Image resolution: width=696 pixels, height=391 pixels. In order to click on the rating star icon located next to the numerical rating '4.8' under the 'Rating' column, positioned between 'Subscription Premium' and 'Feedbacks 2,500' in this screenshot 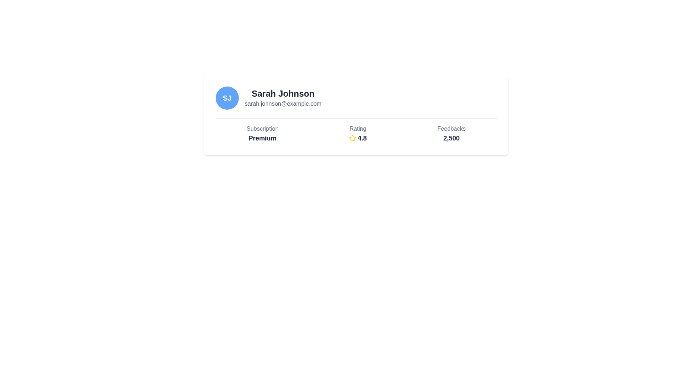, I will do `click(352, 138)`.